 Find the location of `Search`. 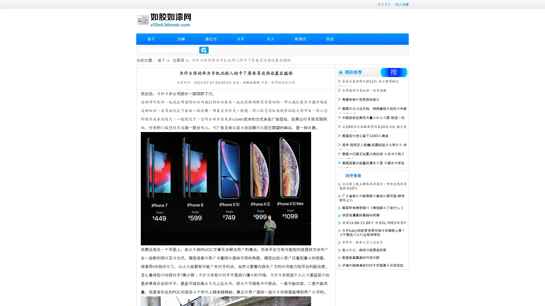

Search is located at coordinates (204, 50).